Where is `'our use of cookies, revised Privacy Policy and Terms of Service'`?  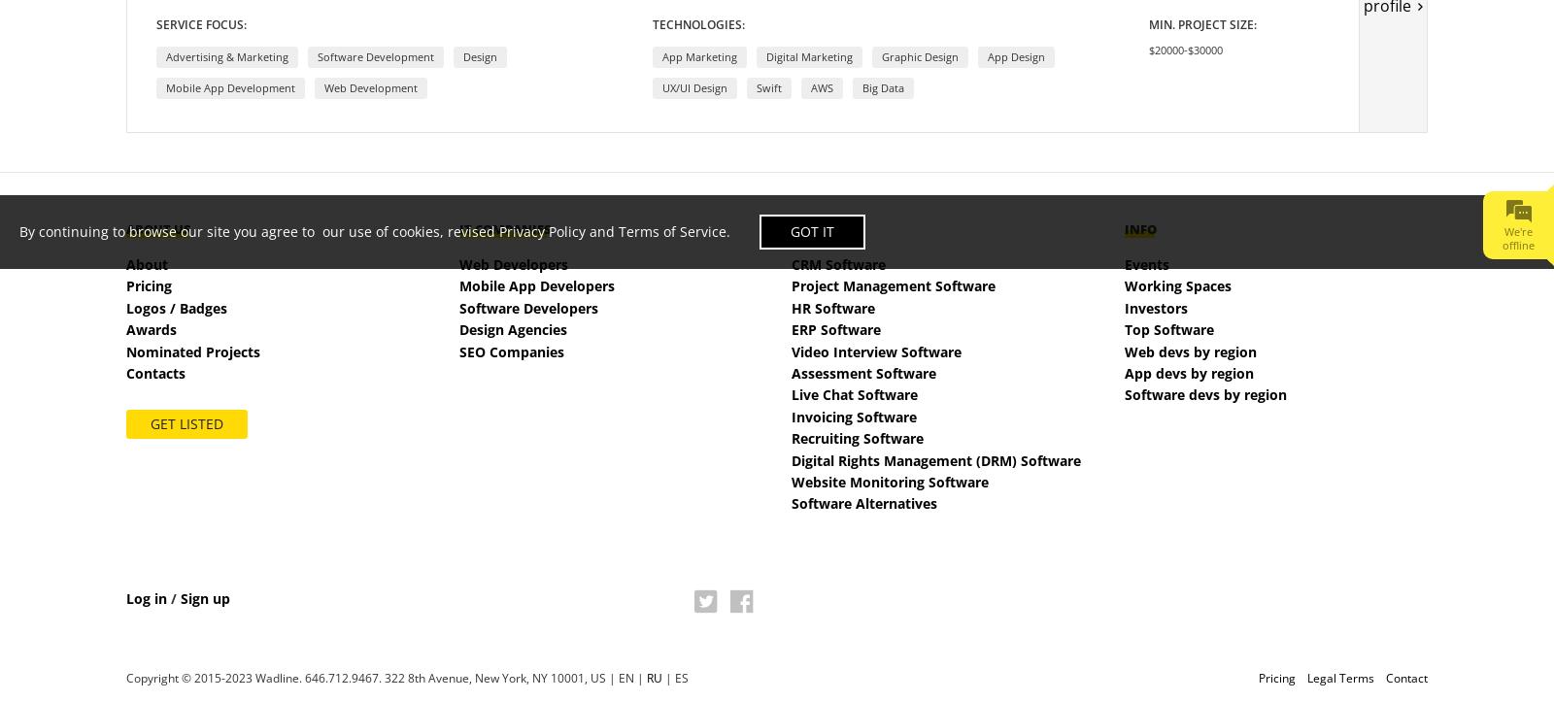 'our use of cookies, revised Privacy Policy and Terms of Service' is located at coordinates (524, 229).